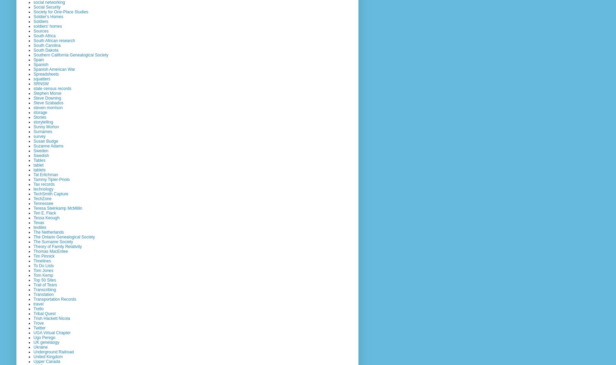 The image size is (616, 365). I want to click on 'Tim Pinnick', so click(33, 255).